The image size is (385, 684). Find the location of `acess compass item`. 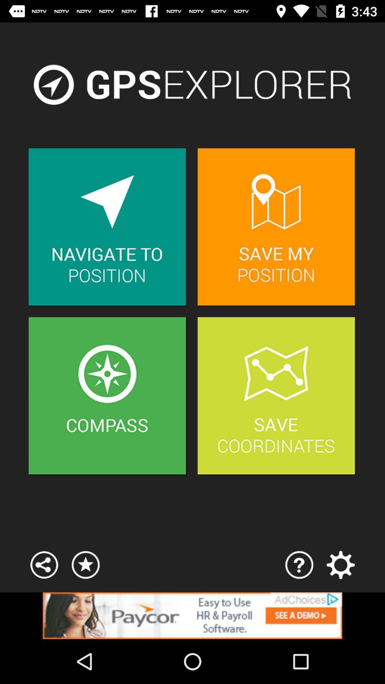

acess compass item is located at coordinates (108, 396).